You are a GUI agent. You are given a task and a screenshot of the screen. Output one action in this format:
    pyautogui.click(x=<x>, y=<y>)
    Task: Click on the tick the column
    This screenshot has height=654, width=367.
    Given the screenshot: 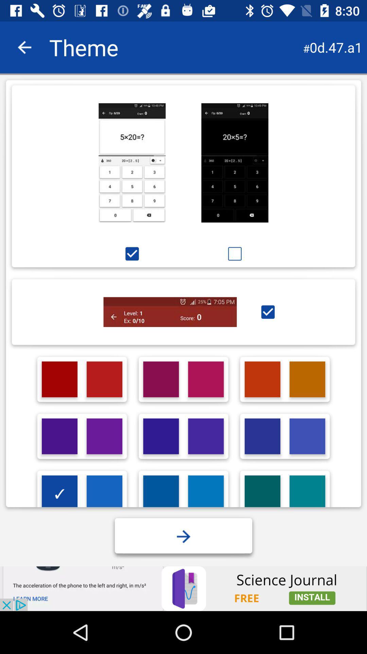 What is the action you would take?
    pyautogui.click(x=267, y=312)
    